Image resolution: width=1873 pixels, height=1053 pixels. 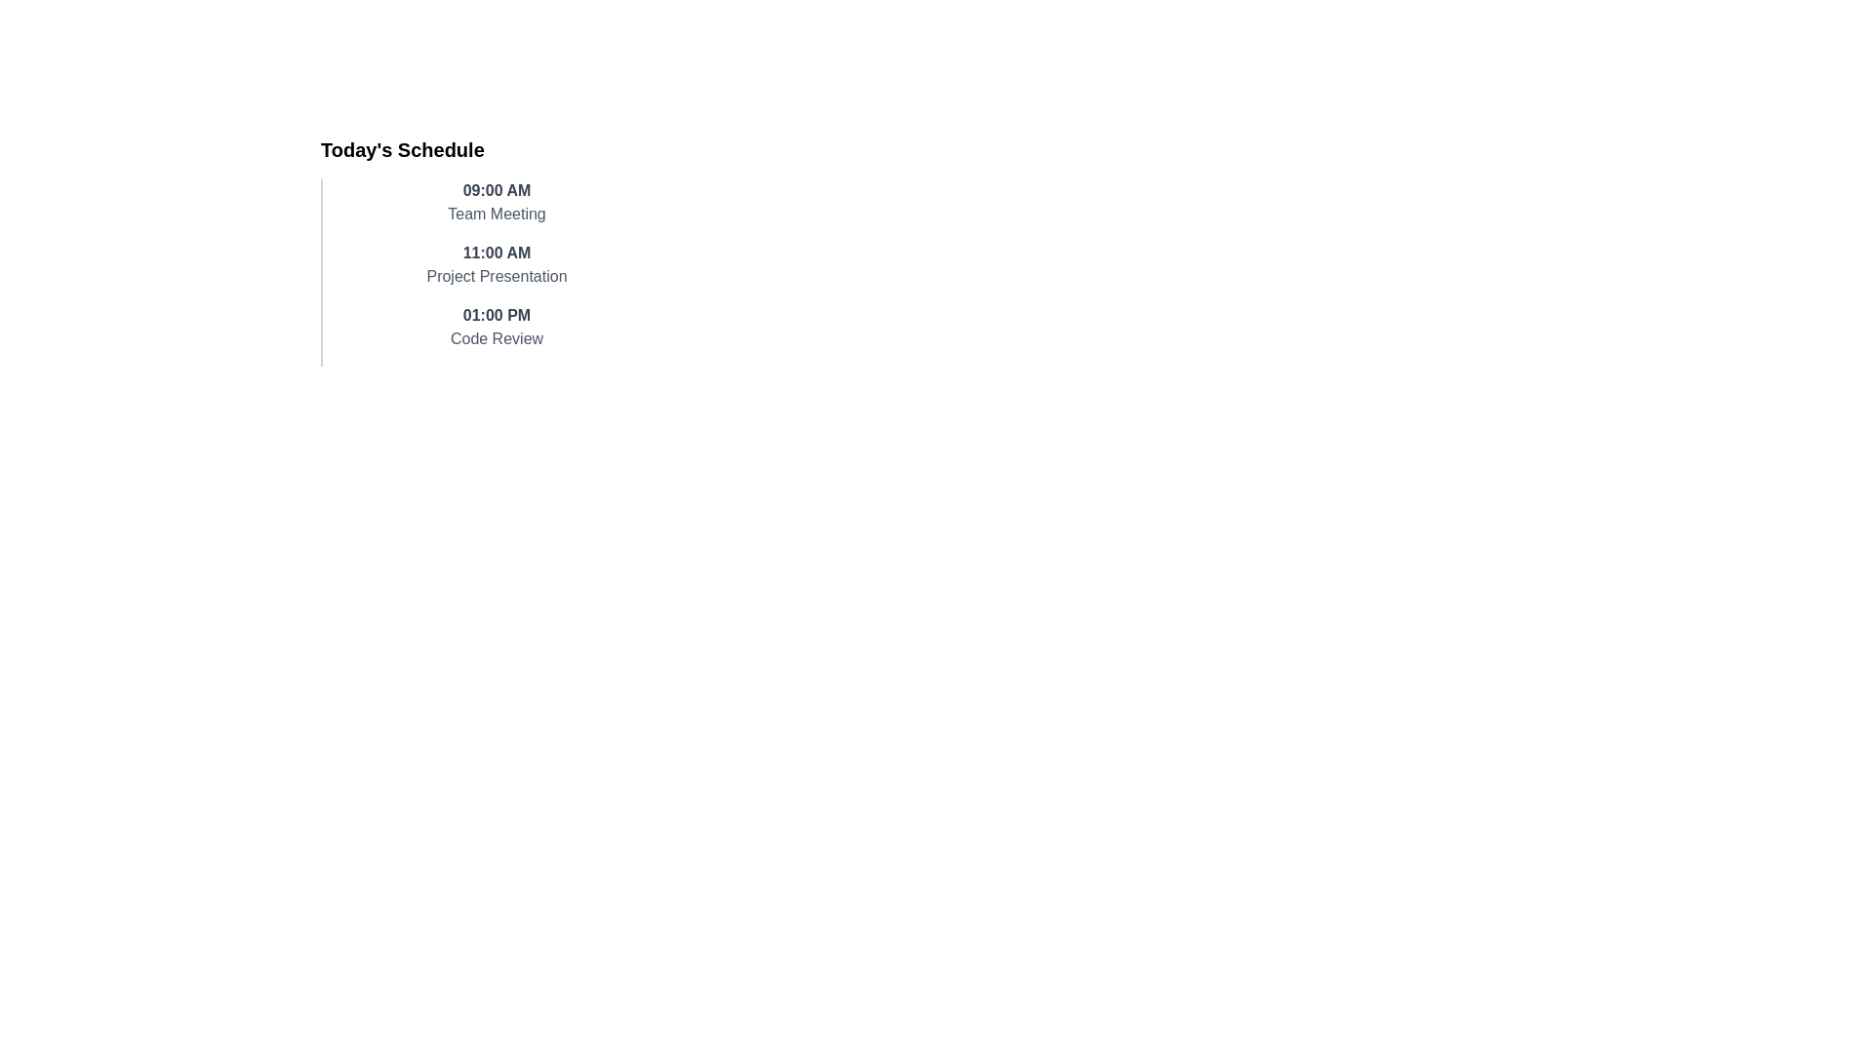 I want to click on text content of the label displaying 'Project Presentation', which is styled in medium gray (#606060) and is positioned below '11:00 AM' in the schedule display, so click(x=497, y=277).